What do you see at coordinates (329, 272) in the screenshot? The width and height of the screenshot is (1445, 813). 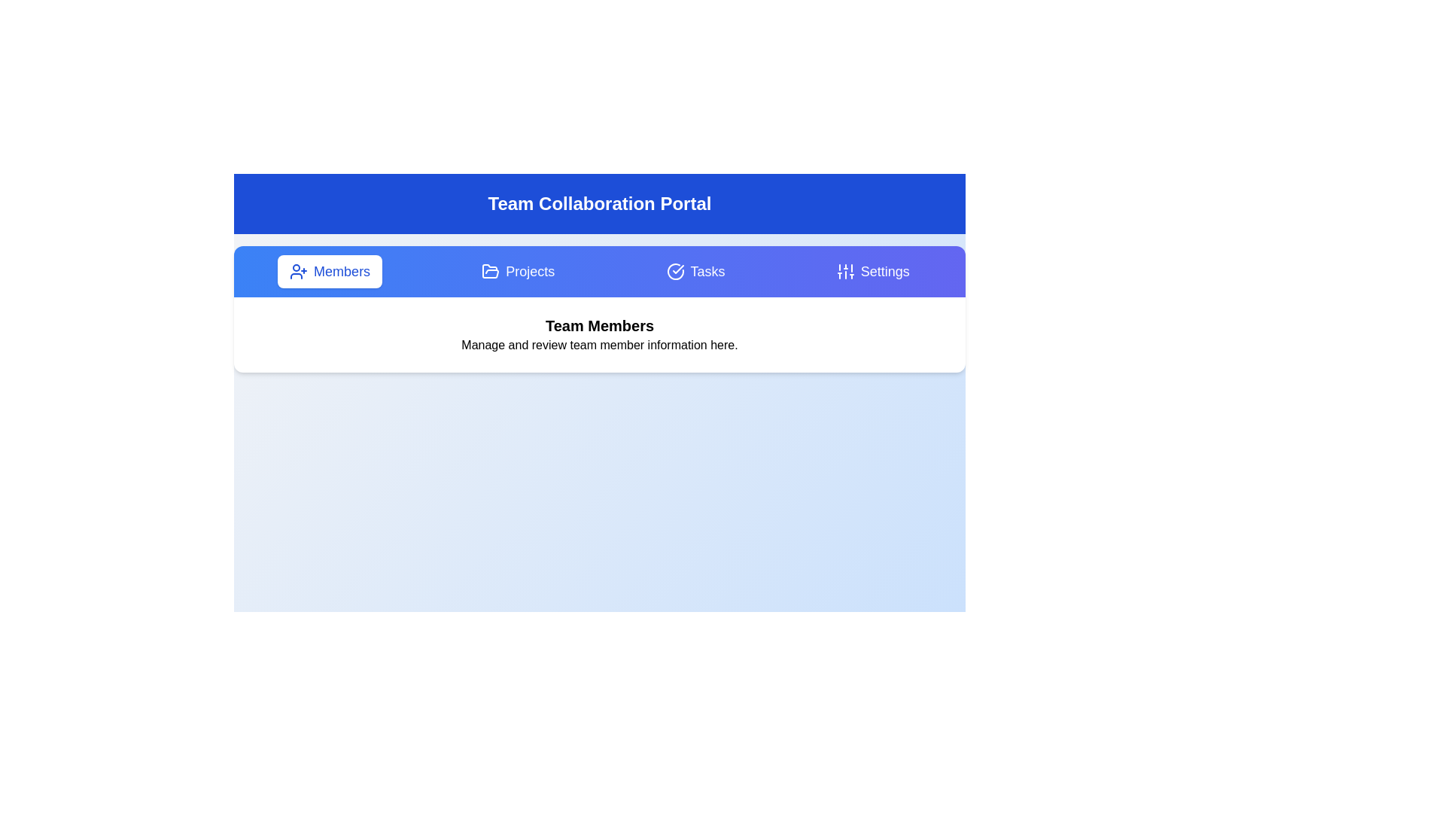 I see `the first interactive button in the navigation bar` at bounding box center [329, 272].